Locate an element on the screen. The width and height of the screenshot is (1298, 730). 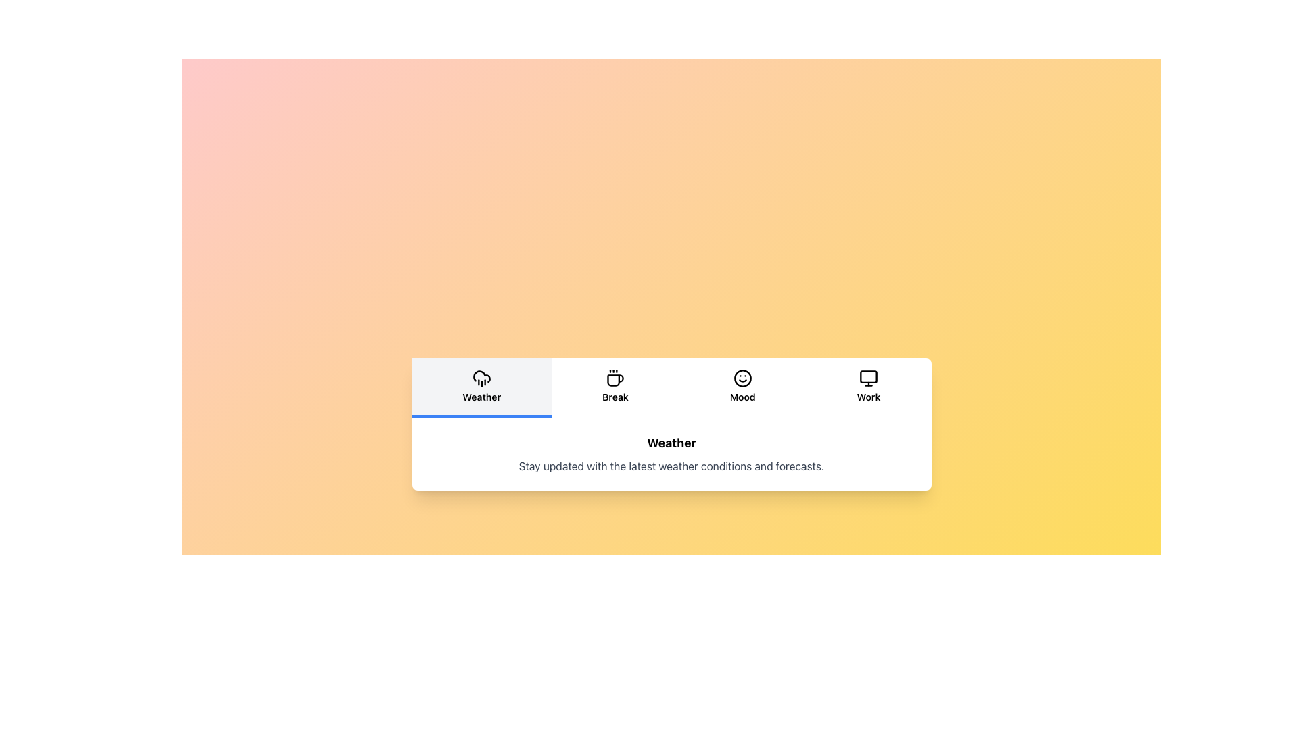
the third selectable tab labeled 'Mood' in the horizontal navigation menu to trigger potential hover effects is located at coordinates (742, 388).